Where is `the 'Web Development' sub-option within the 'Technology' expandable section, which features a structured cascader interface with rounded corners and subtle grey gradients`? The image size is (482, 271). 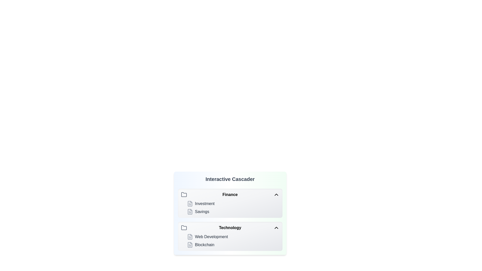
the 'Web Development' sub-option within the 'Technology' expandable section, which features a structured cascader interface with rounded corners and subtle grey gradients is located at coordinates (230, 236).